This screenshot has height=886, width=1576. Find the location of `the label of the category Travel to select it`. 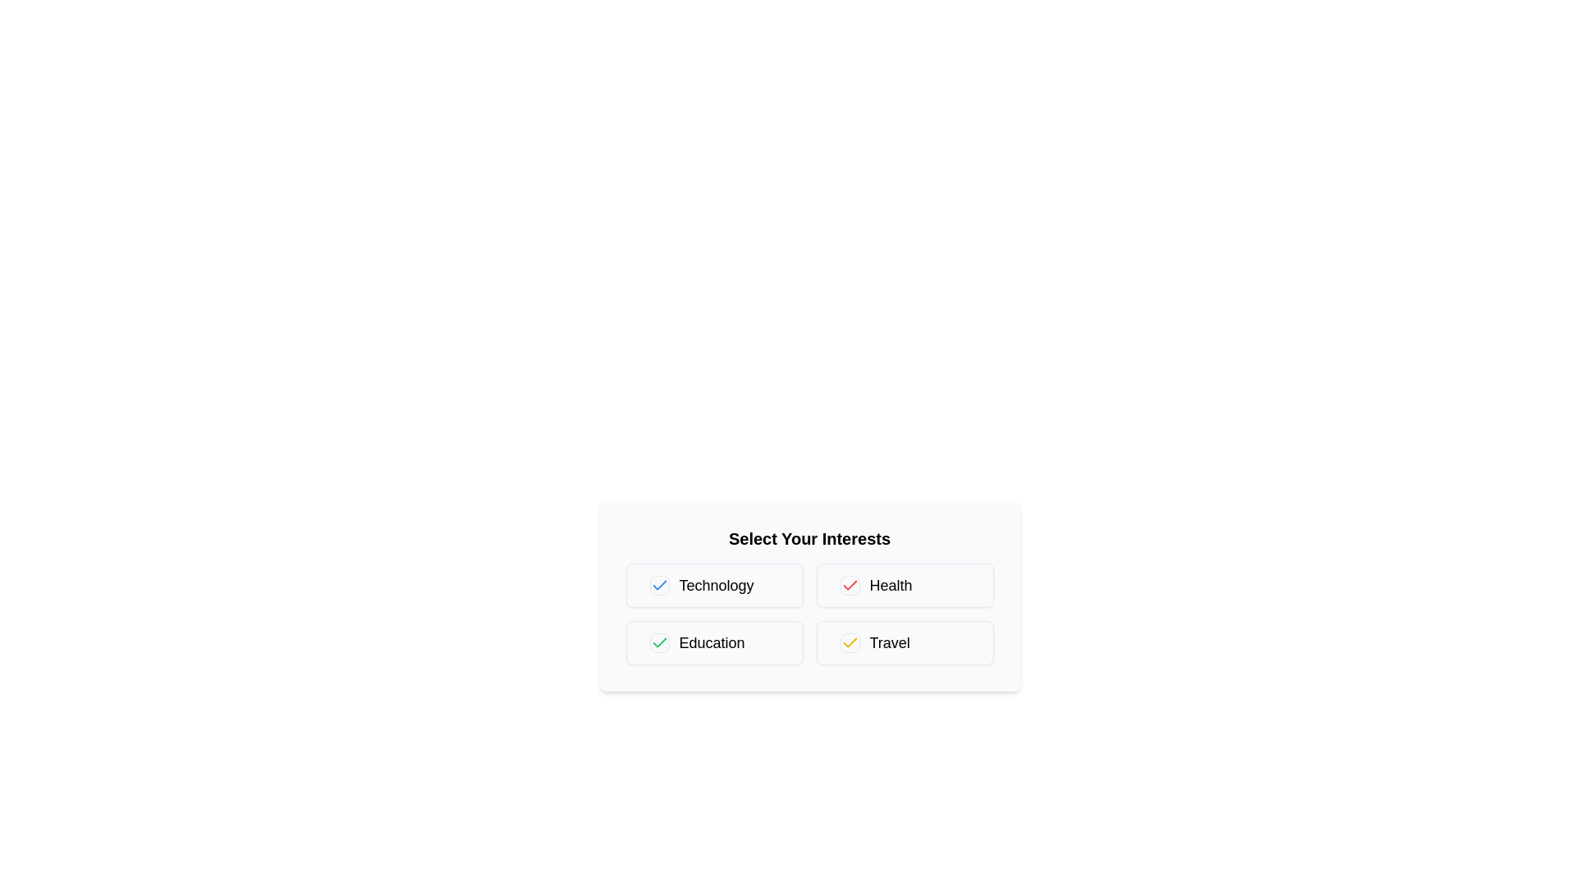

the label of the category Travel to select it is located at coordinates (904, 642).